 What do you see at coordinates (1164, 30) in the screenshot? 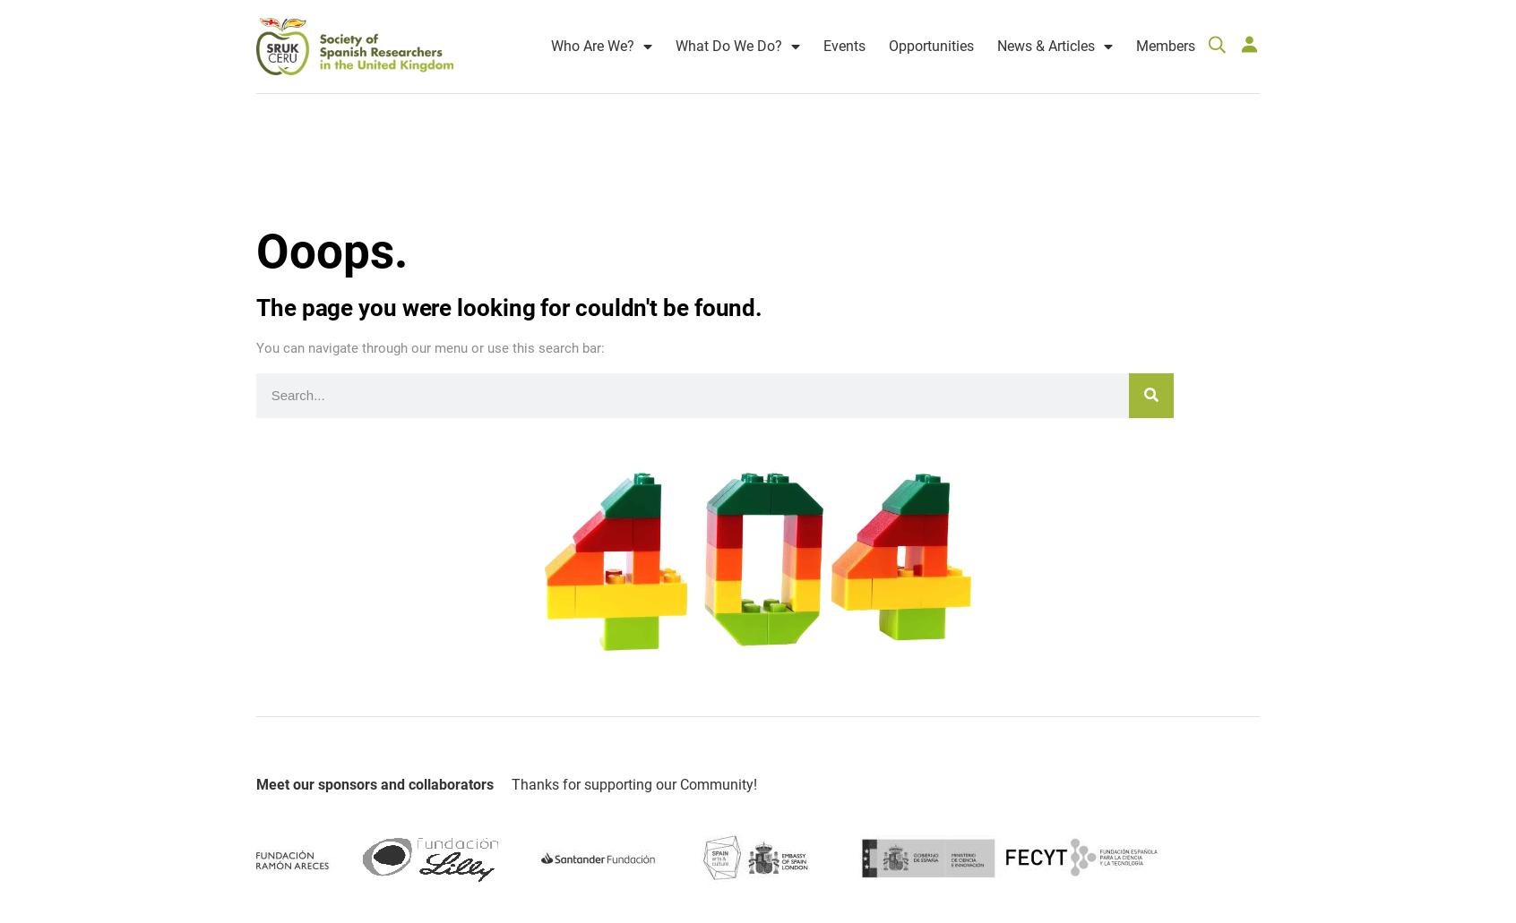
I see `'Members'` at bounding box center [1164, 30].